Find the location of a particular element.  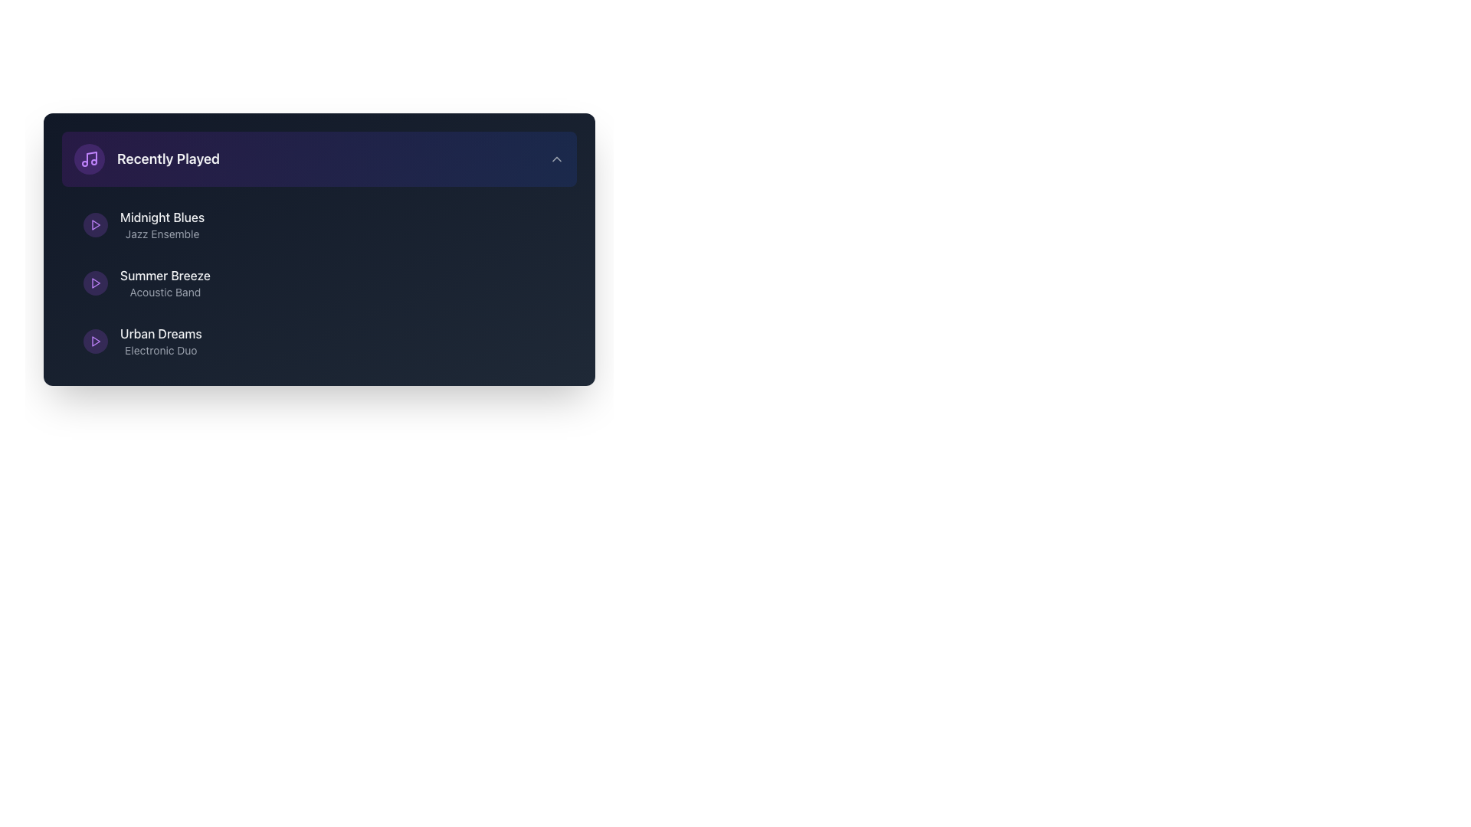

the text label displaying 'Midnight Blues' and the category 'Jazz Ensemble' in the 'Recently Played' list if accessible navigation is supported is located at coordinates (162, 224).